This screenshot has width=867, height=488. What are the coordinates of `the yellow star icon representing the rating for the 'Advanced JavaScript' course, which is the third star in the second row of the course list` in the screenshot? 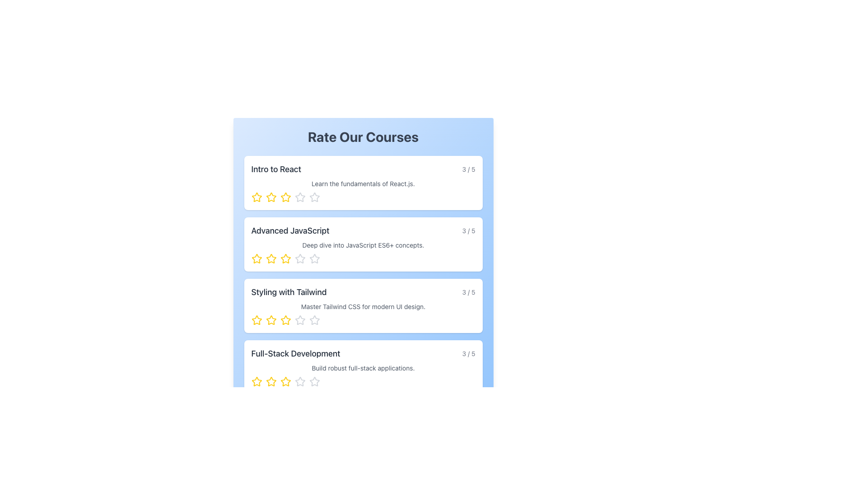 It's located at (285, 258).